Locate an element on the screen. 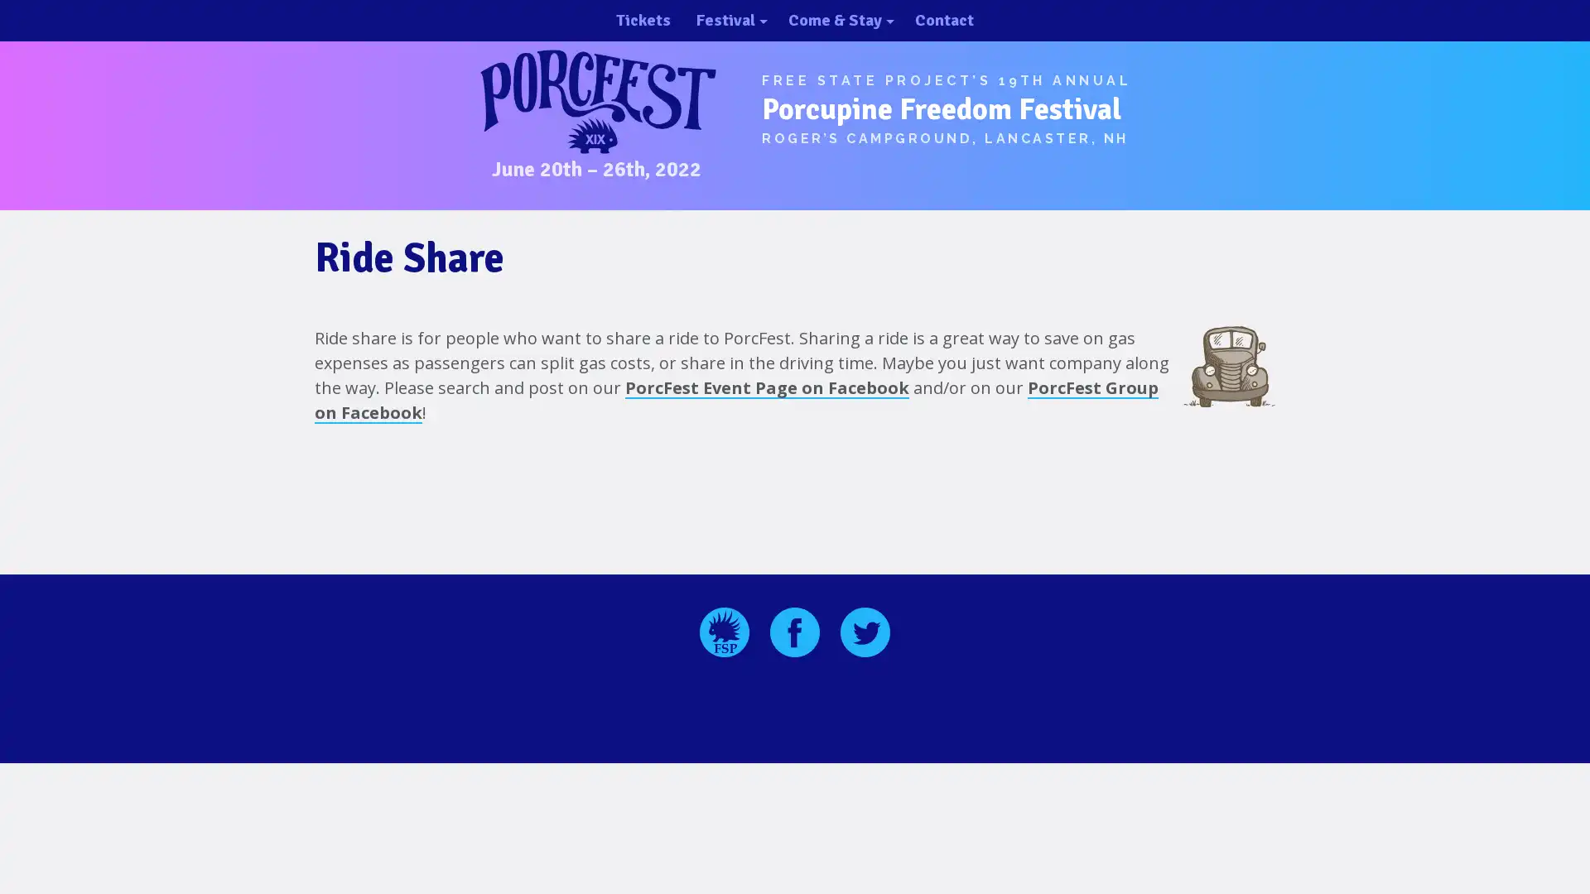 The height and width of the screenshot is (894, 1590). close is located at coordinates (1537, 66).